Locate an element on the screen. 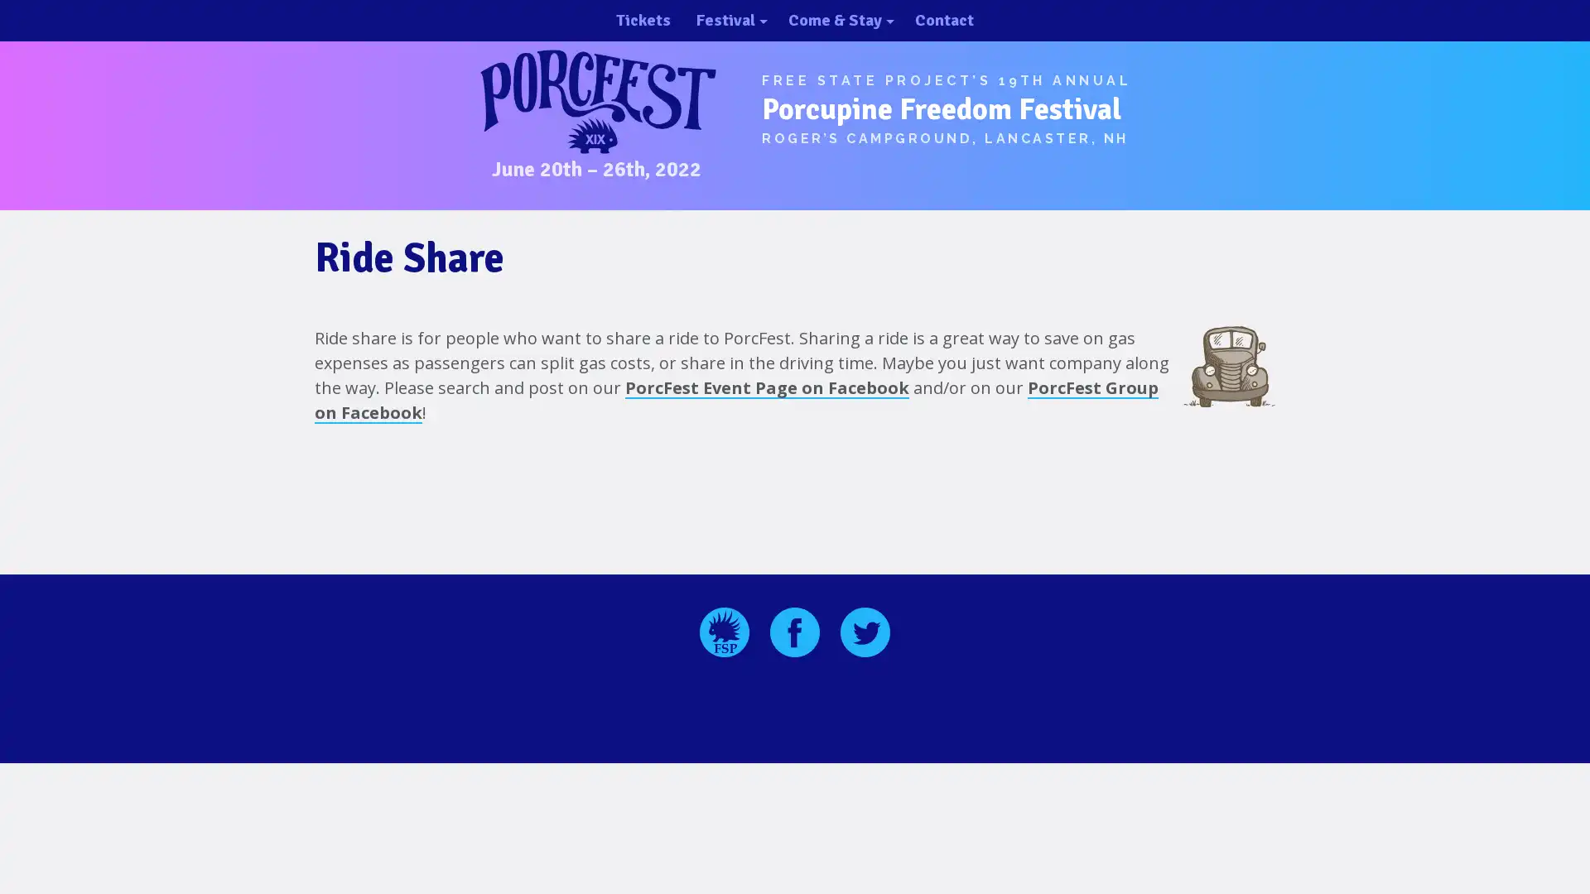 The height and width of the screenshot is (894, 1590). close is located at coordinates (1537, 66).